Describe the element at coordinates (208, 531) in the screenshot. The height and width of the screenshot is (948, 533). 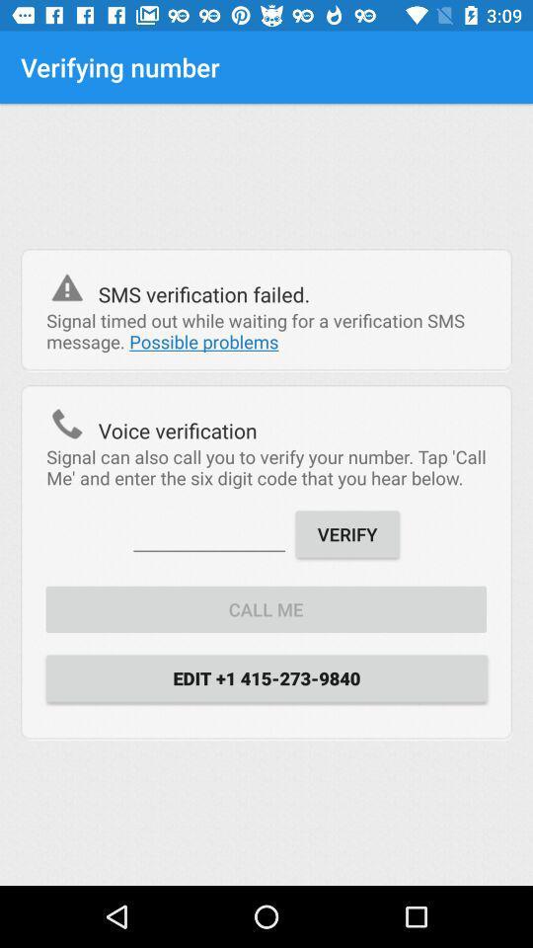
I see `item below the signal can also icon` at that location.